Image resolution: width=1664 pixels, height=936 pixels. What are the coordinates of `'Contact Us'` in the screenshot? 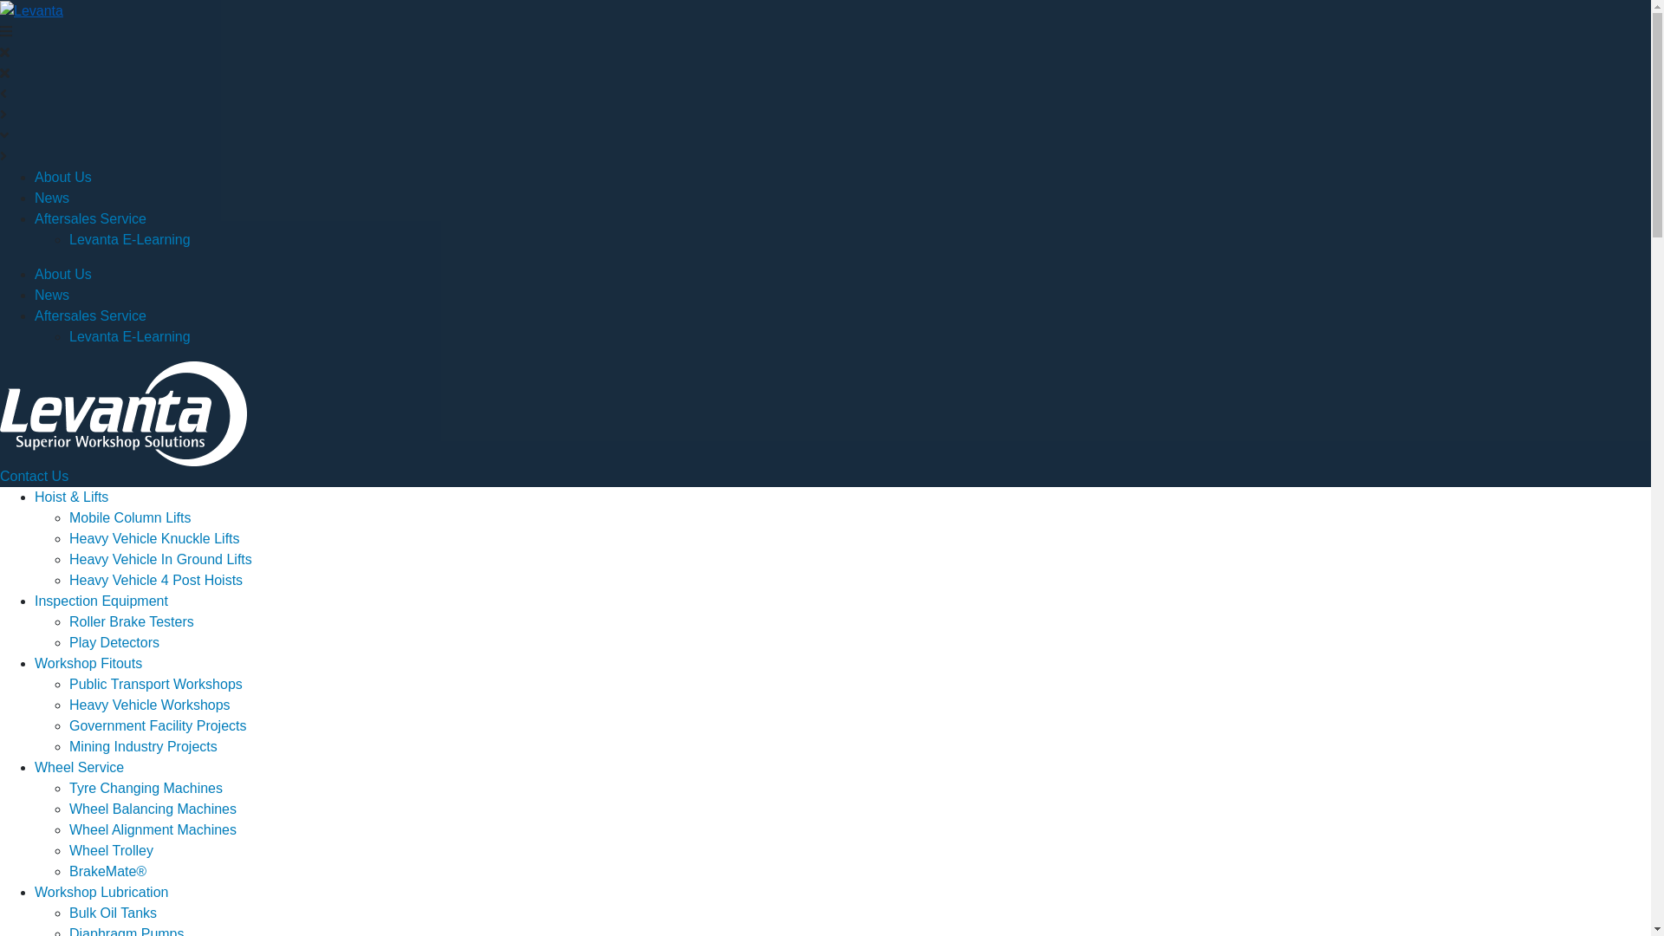 It's located at (34, 476).